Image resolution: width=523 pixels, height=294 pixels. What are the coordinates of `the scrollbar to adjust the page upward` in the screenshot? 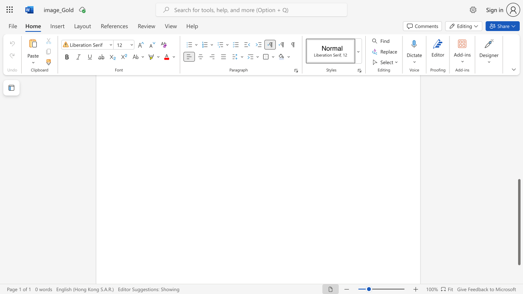 It's located at (519, 93).